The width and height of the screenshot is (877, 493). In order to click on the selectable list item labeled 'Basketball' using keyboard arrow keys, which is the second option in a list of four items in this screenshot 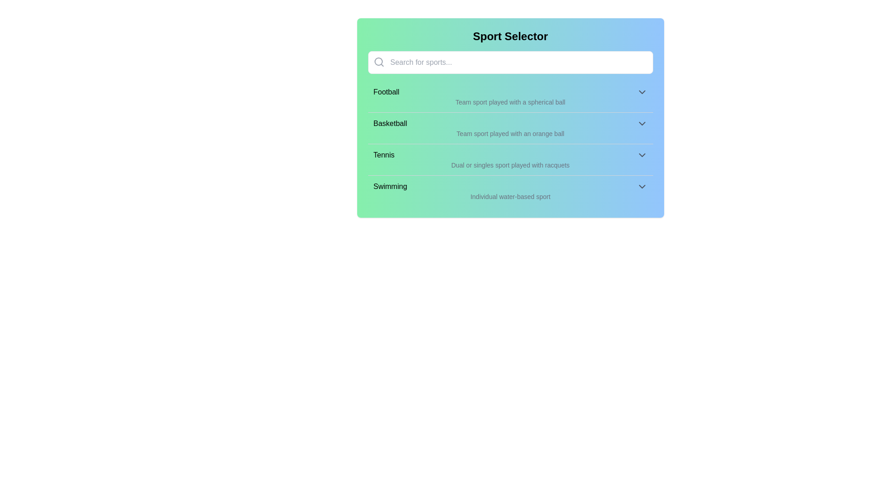, I will do `click(510, 128)`.